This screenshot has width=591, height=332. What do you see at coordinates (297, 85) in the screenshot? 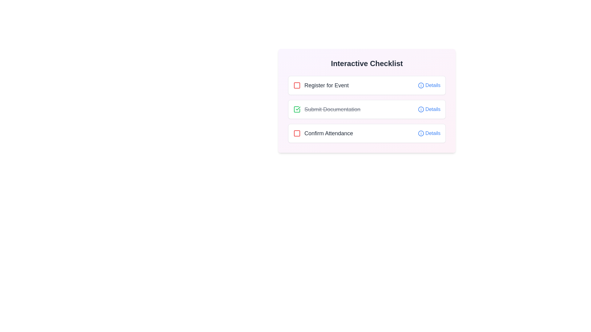
I see `the unchecked checkbox, which is a round-cornered square filled in red, located to the left of the 'Register for Event' text` at bounding box center [297, 85].